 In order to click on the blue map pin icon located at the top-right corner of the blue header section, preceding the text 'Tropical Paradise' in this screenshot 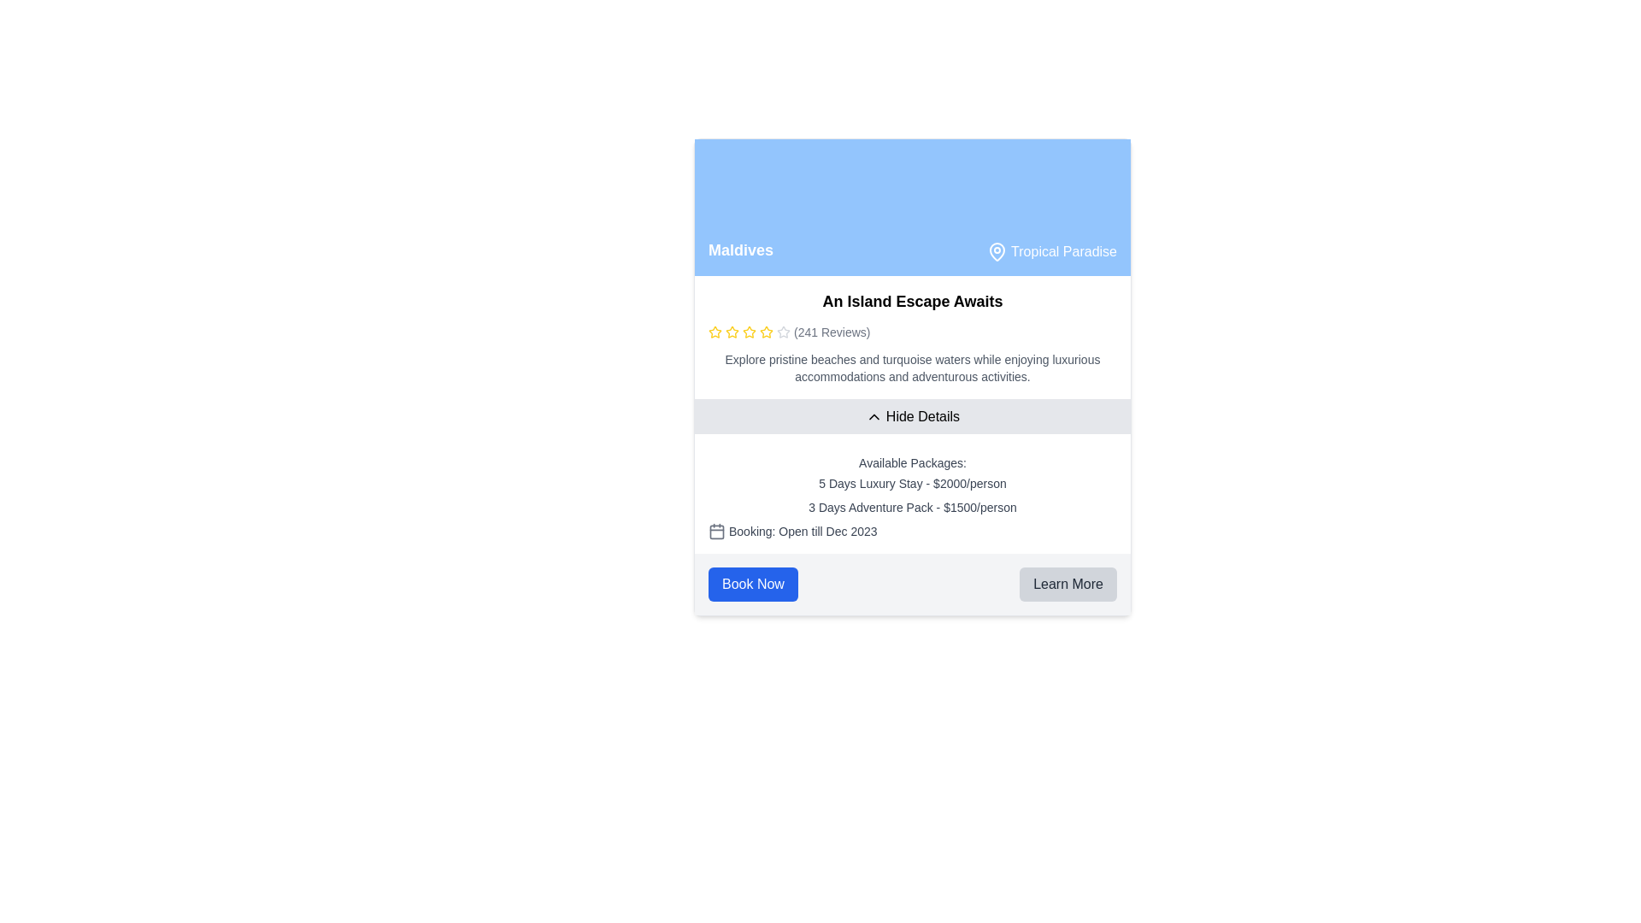, I will do `click(997, 251)`.